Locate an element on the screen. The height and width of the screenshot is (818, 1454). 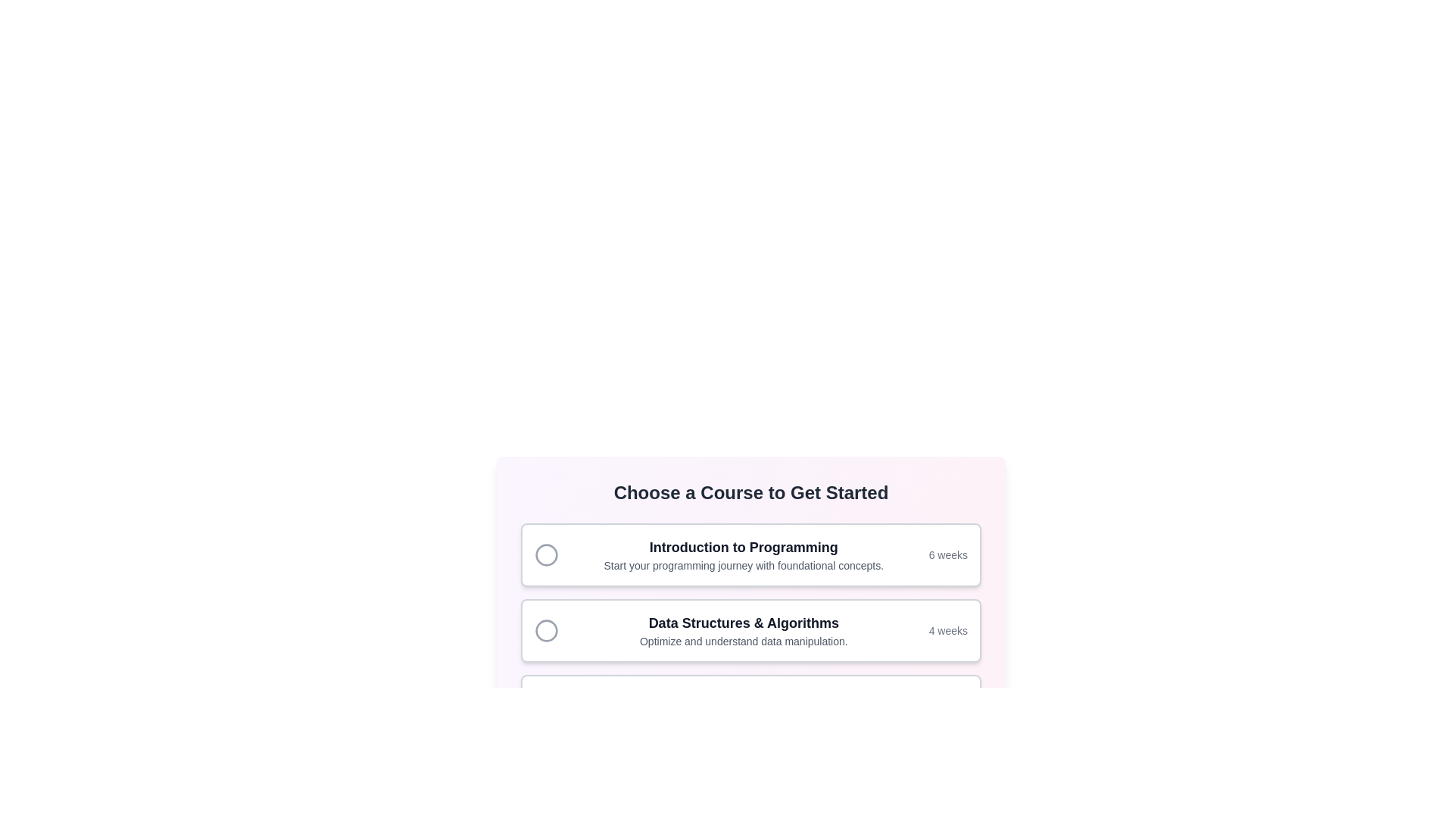
the text label that reads 'Optimize and understand data manipulation.' which is located below the header 'Data Structures & Algorithms' in the course selection card is located at coordinates (744, 642).